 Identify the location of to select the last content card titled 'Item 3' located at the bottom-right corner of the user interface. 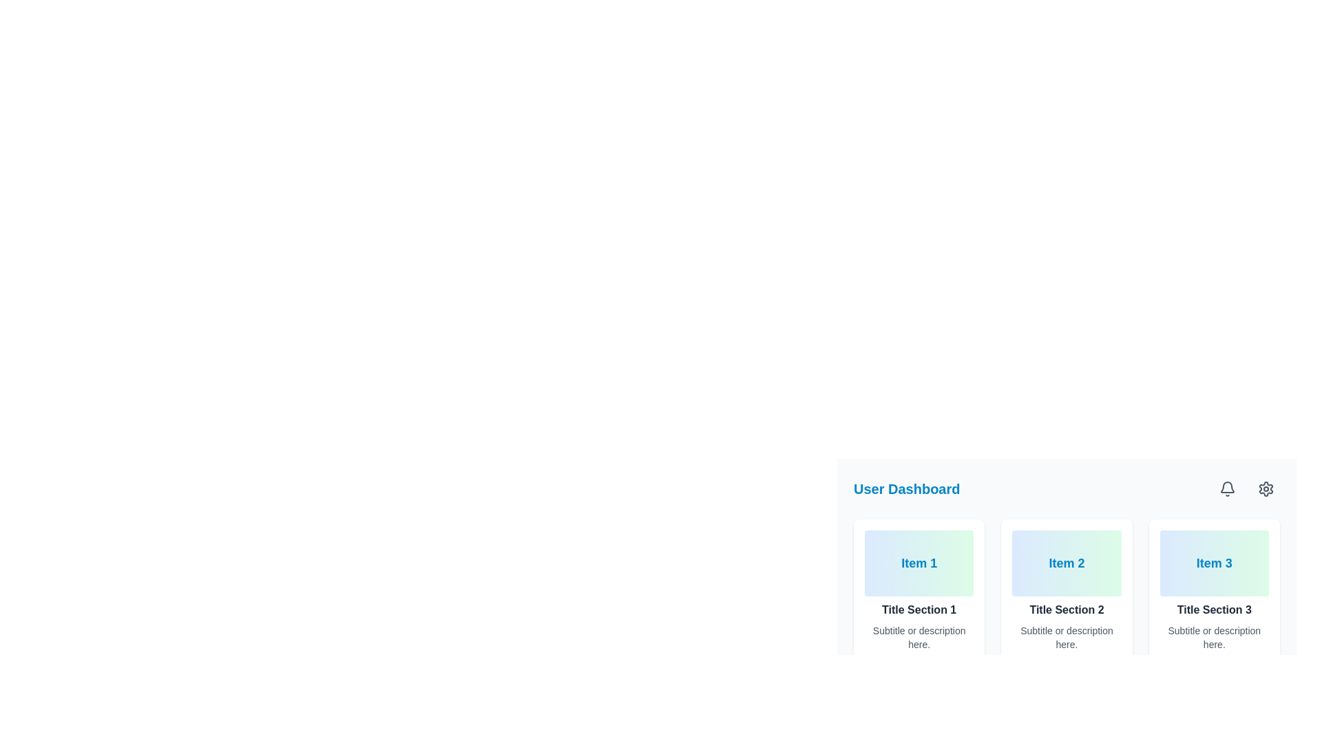
(1214, 590).